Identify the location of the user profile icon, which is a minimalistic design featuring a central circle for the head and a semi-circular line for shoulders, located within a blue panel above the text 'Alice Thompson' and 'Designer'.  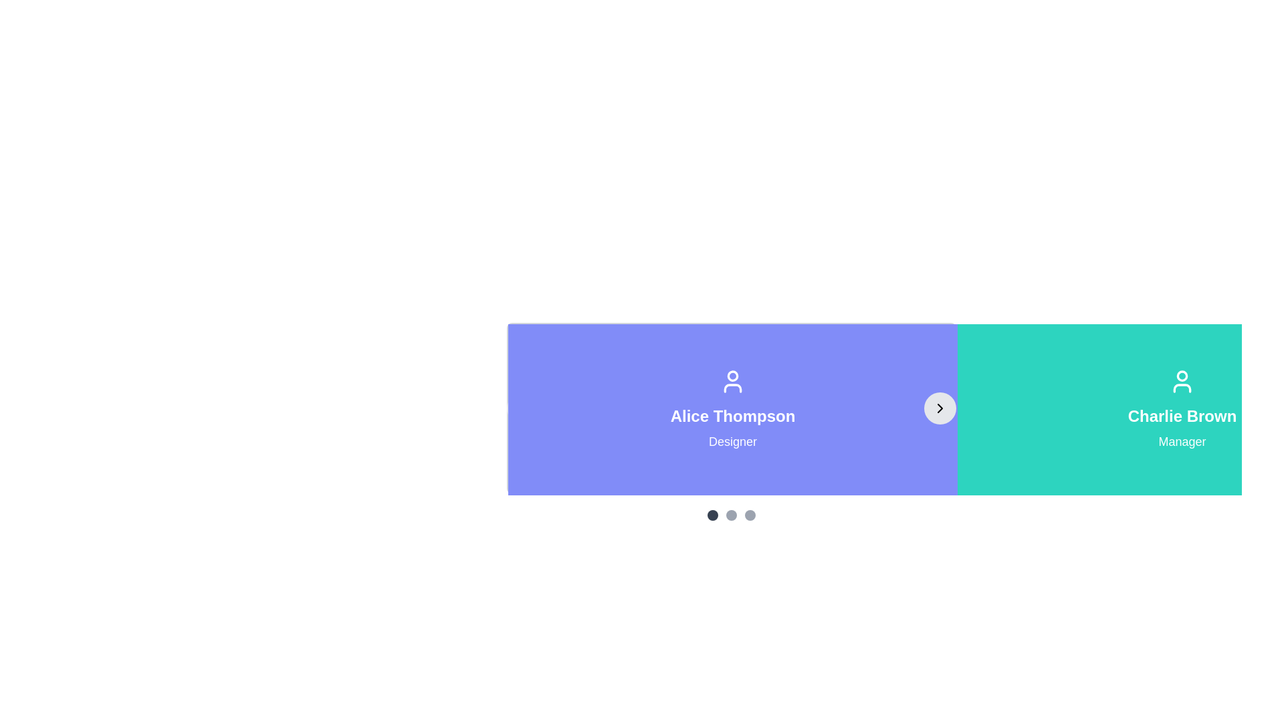
(732, 381).